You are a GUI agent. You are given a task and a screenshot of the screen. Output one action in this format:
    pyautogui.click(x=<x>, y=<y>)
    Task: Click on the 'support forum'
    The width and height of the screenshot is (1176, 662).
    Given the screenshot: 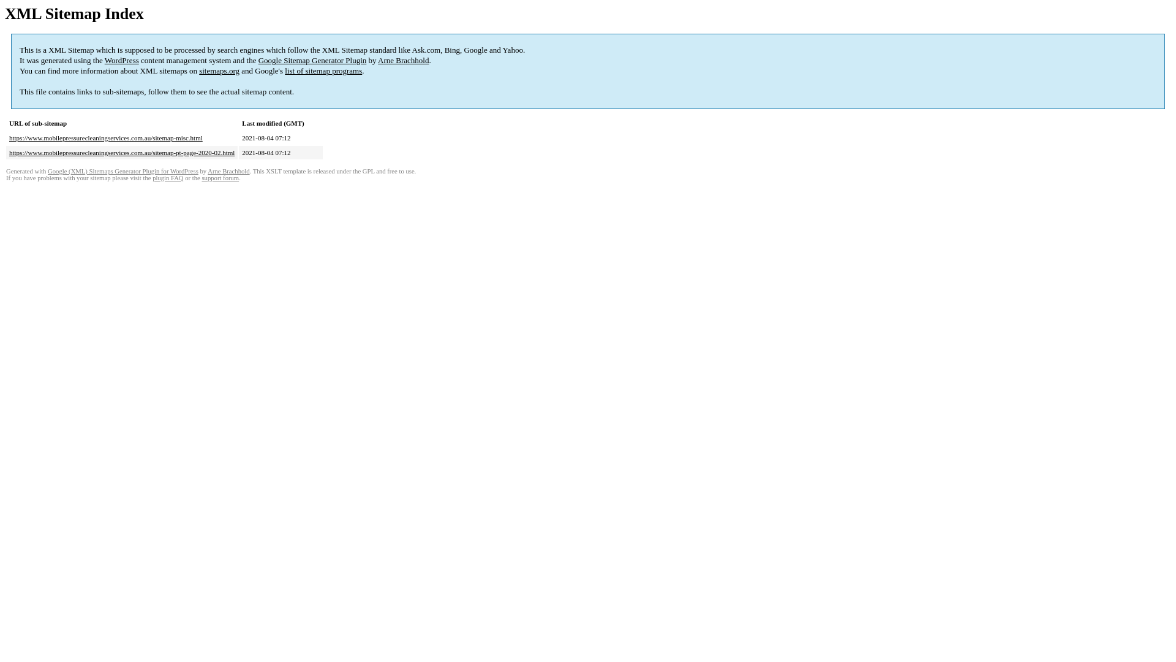 What is the action you would take?
    pyautogui.click(x=220, y=178)
    